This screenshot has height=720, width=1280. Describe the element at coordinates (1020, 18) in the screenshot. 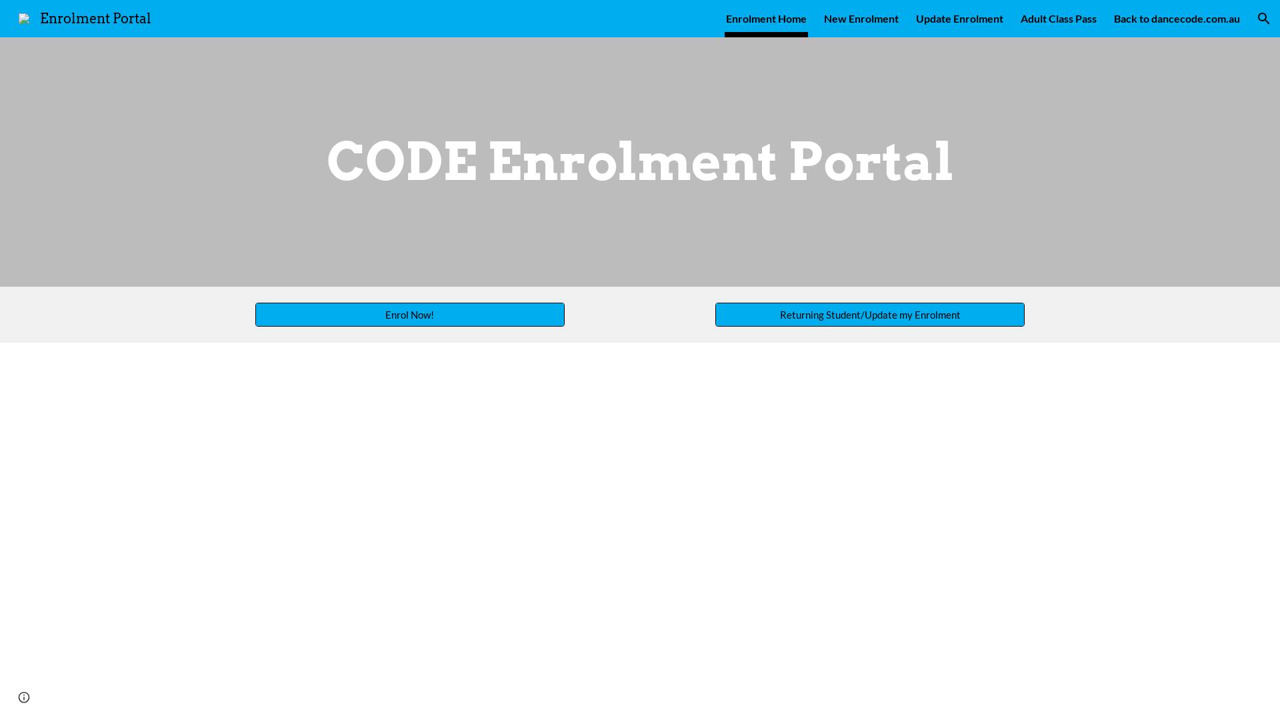

I see `'Adult Class Pass'` at that location.